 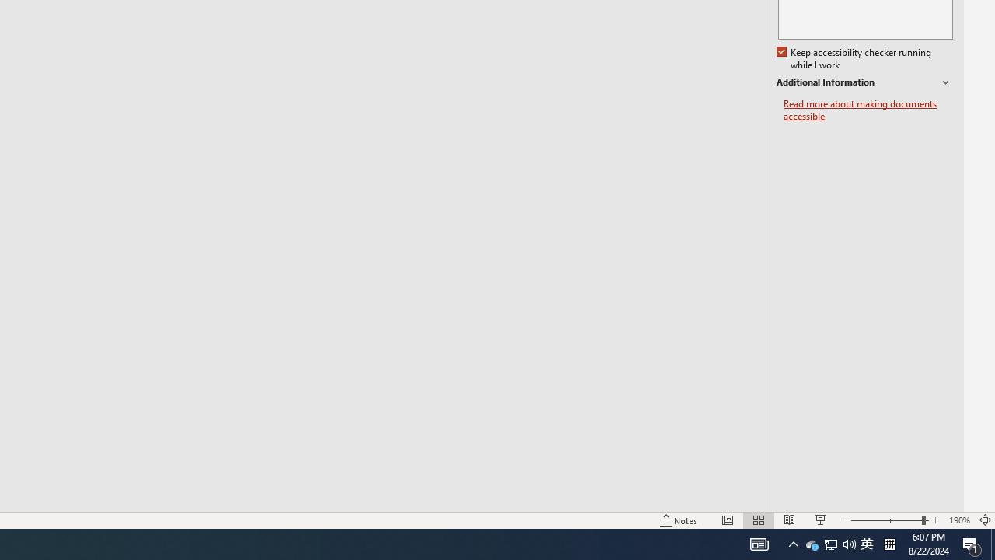 I want to click on 'Read more about making documents accessible', so click(x=868, y=110).